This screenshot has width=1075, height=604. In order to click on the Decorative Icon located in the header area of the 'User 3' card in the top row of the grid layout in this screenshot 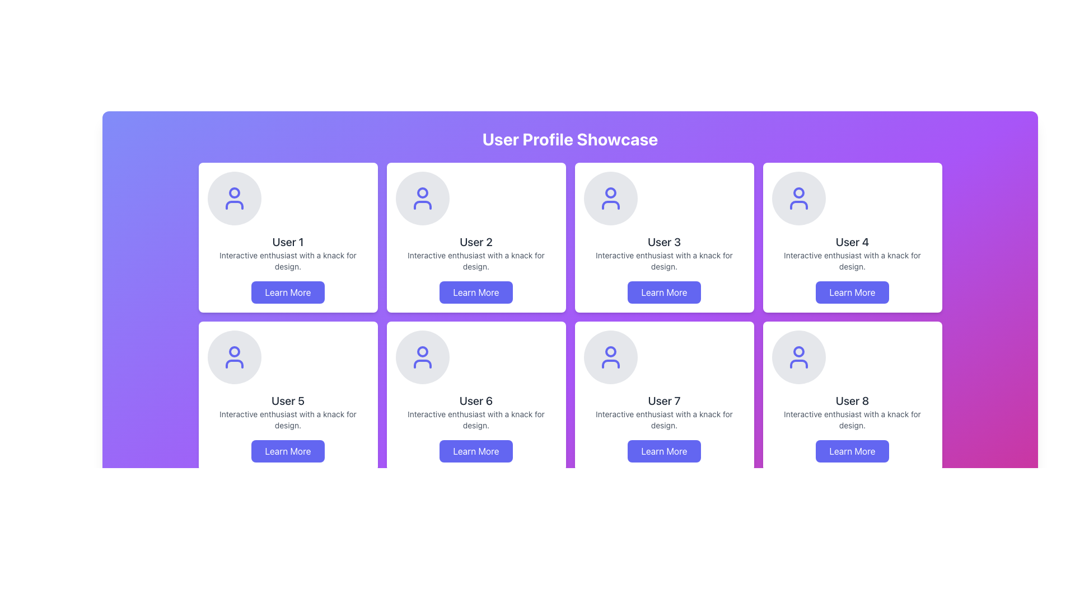, I will do `click(610, 197)`.